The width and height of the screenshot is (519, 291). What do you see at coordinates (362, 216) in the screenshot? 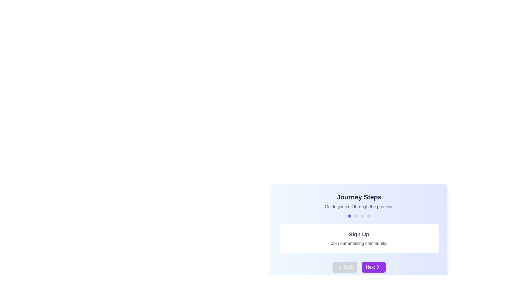
I see `the third circular indicator in the progress tracker located beneath the 'Journey Steps' header and above the 'Sign Up' text block` at bounding box center [362, 216].